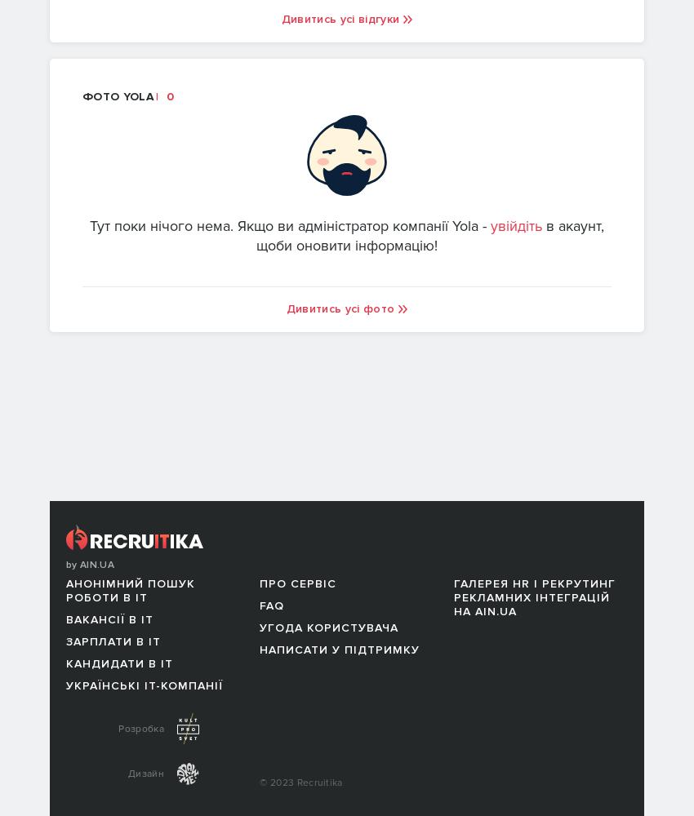 The image size is (694, 816). What do you see at coordinates (109, 619) in the screenshot?
I see `'Вакансії в IT'` at bounding box center [109, 619].